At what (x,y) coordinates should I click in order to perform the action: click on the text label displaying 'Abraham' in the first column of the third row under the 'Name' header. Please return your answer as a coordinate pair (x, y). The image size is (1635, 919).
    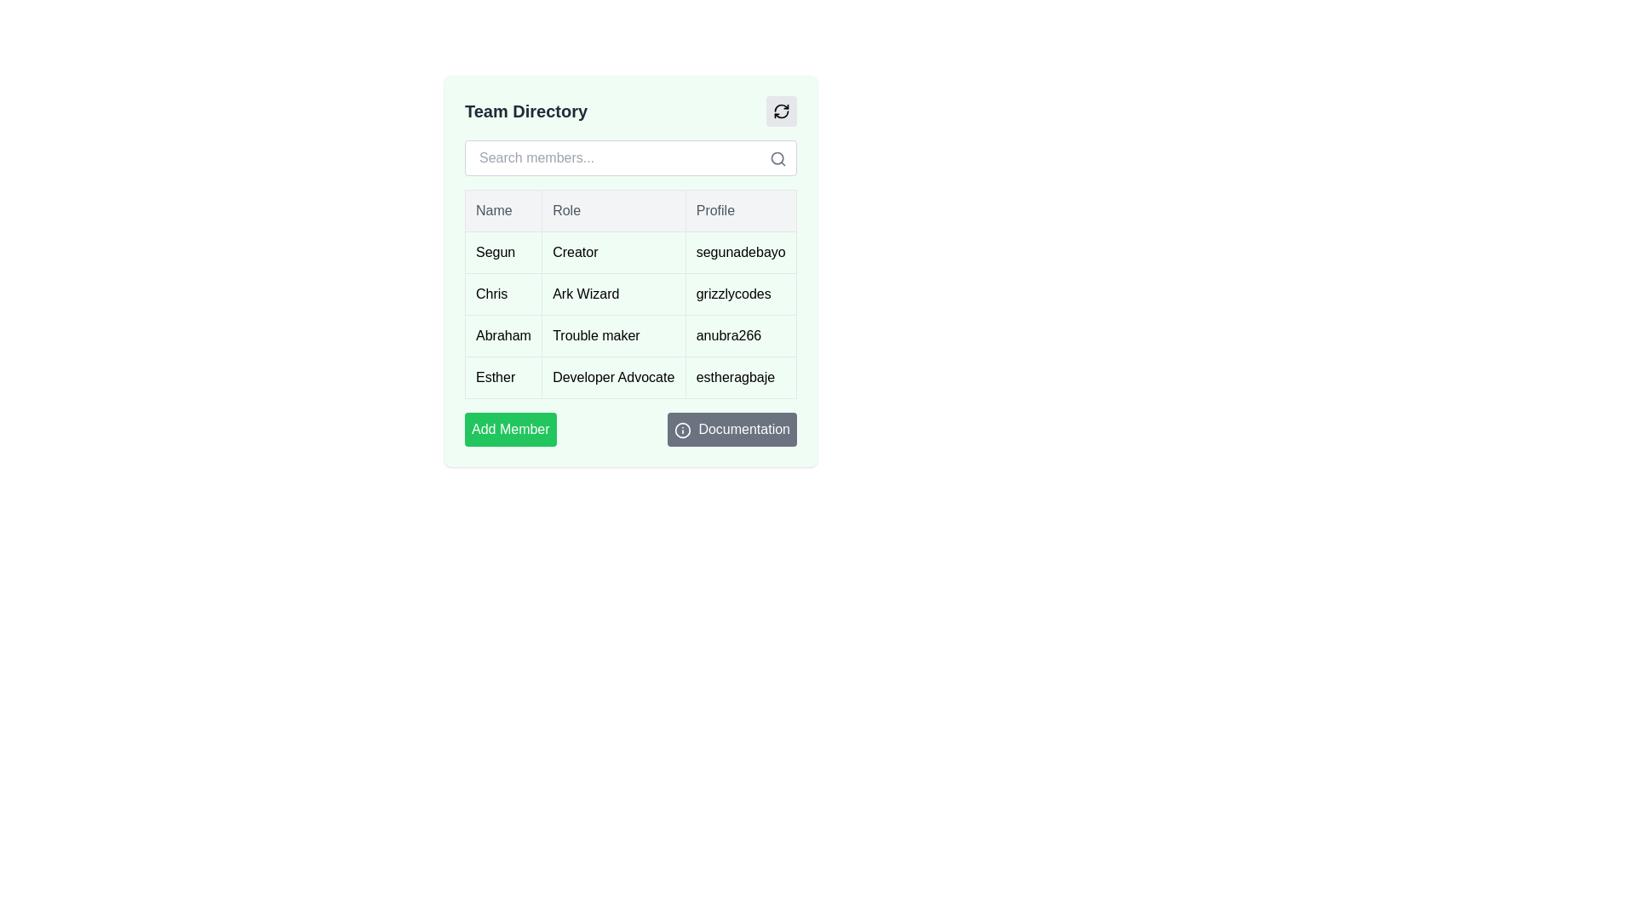
    Looking at the image, I should click on (502, 335).